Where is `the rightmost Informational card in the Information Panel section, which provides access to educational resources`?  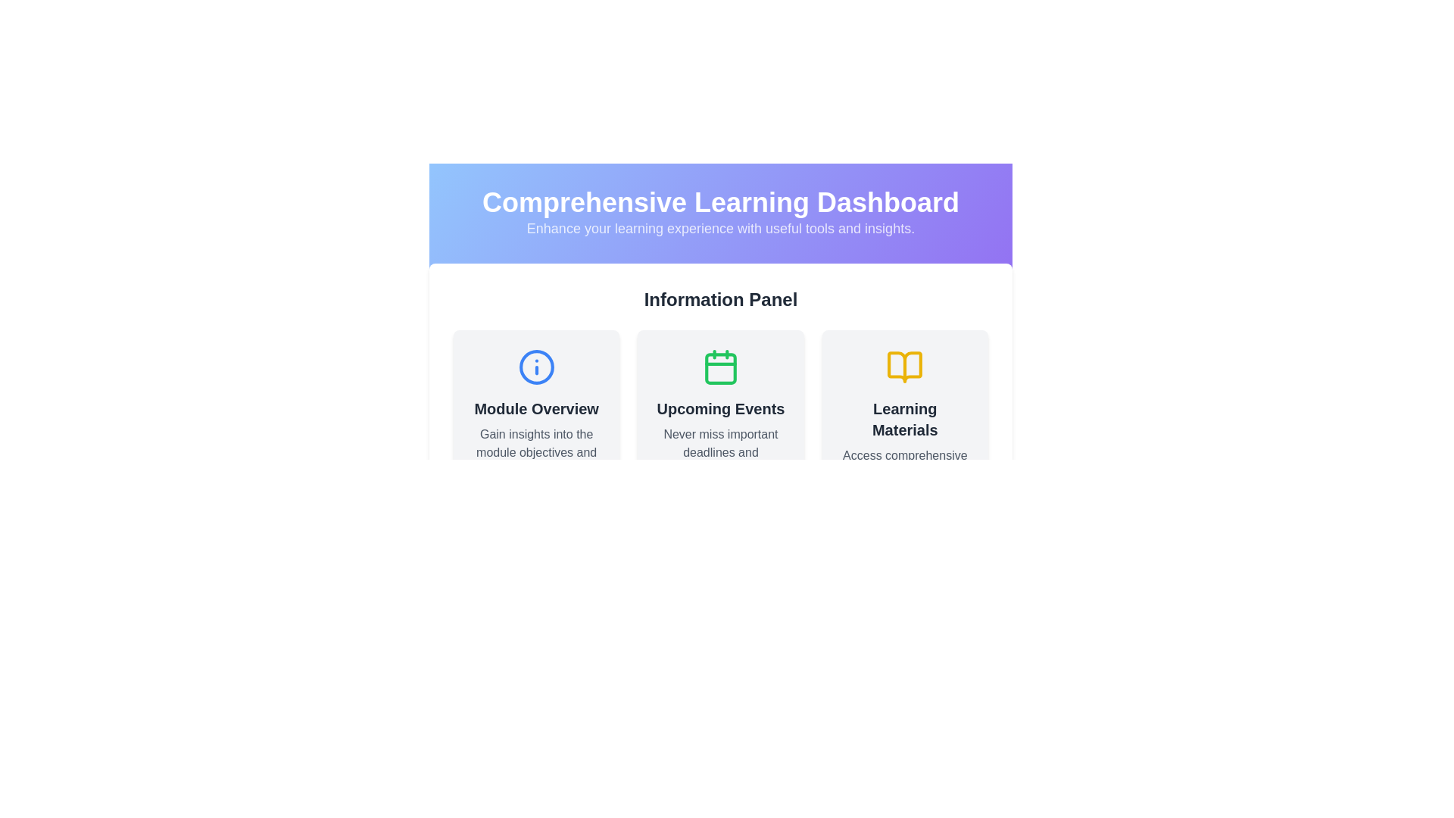
the rightmost Informational card in the Information Panel section, which provides access to educational resources is located at coordinates (905, 424).